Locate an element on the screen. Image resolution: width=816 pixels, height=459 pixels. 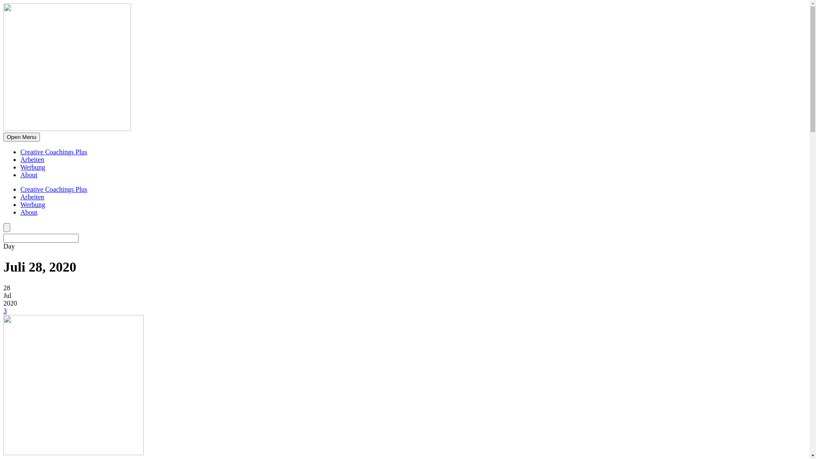
'Creative Coachings Plus' is located at coordinates (53, 189).